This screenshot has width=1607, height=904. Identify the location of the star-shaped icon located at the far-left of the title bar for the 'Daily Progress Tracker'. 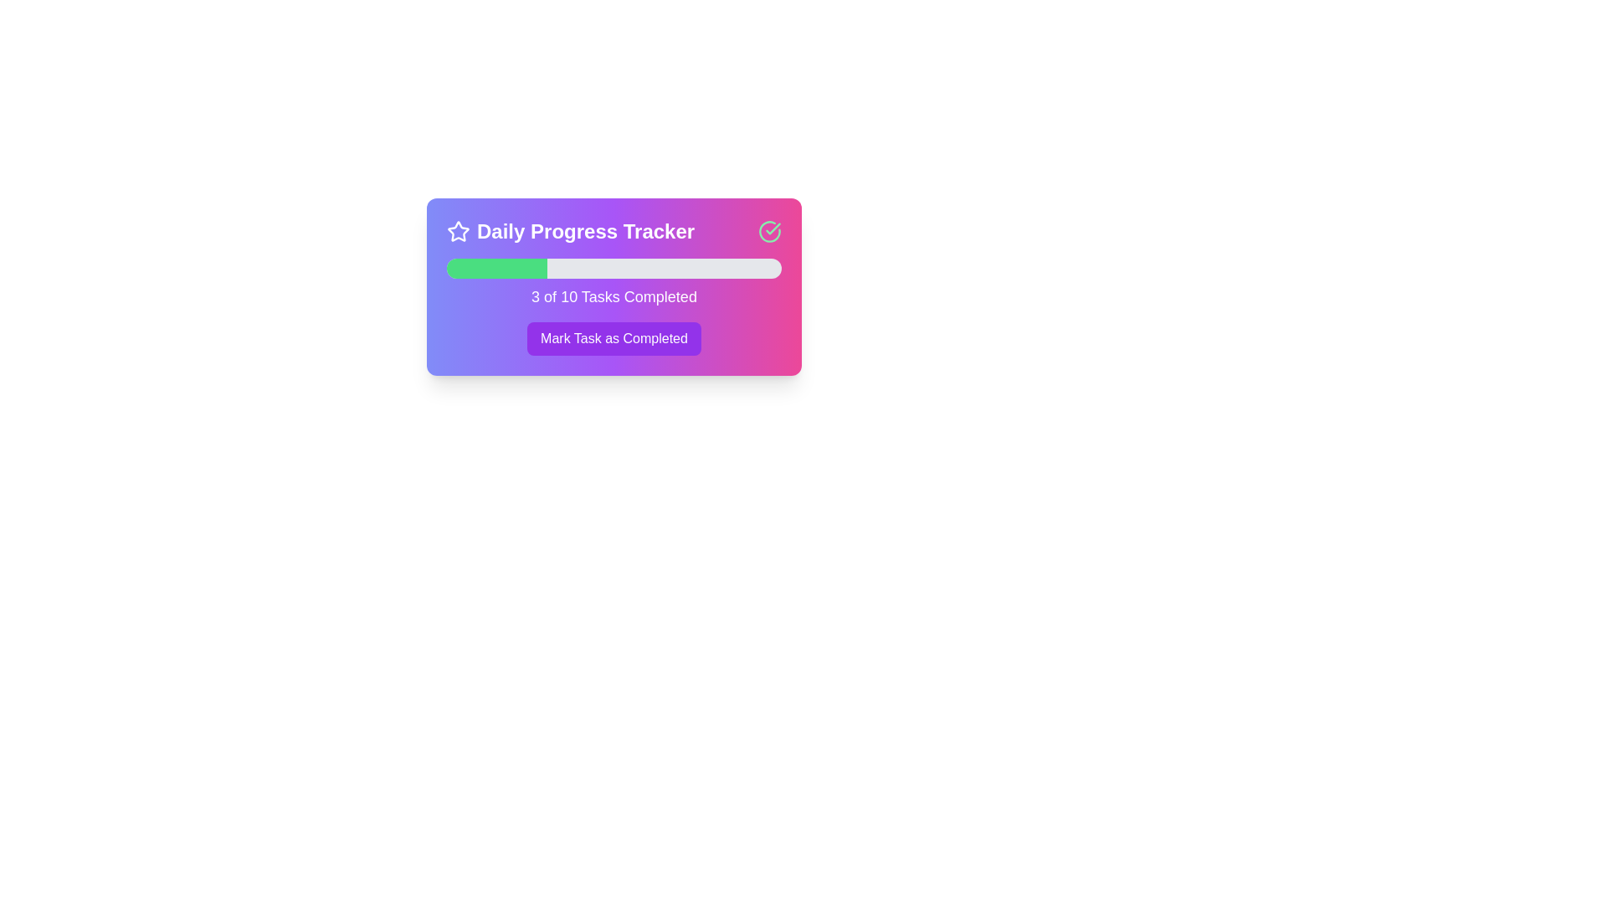
(458, 232).